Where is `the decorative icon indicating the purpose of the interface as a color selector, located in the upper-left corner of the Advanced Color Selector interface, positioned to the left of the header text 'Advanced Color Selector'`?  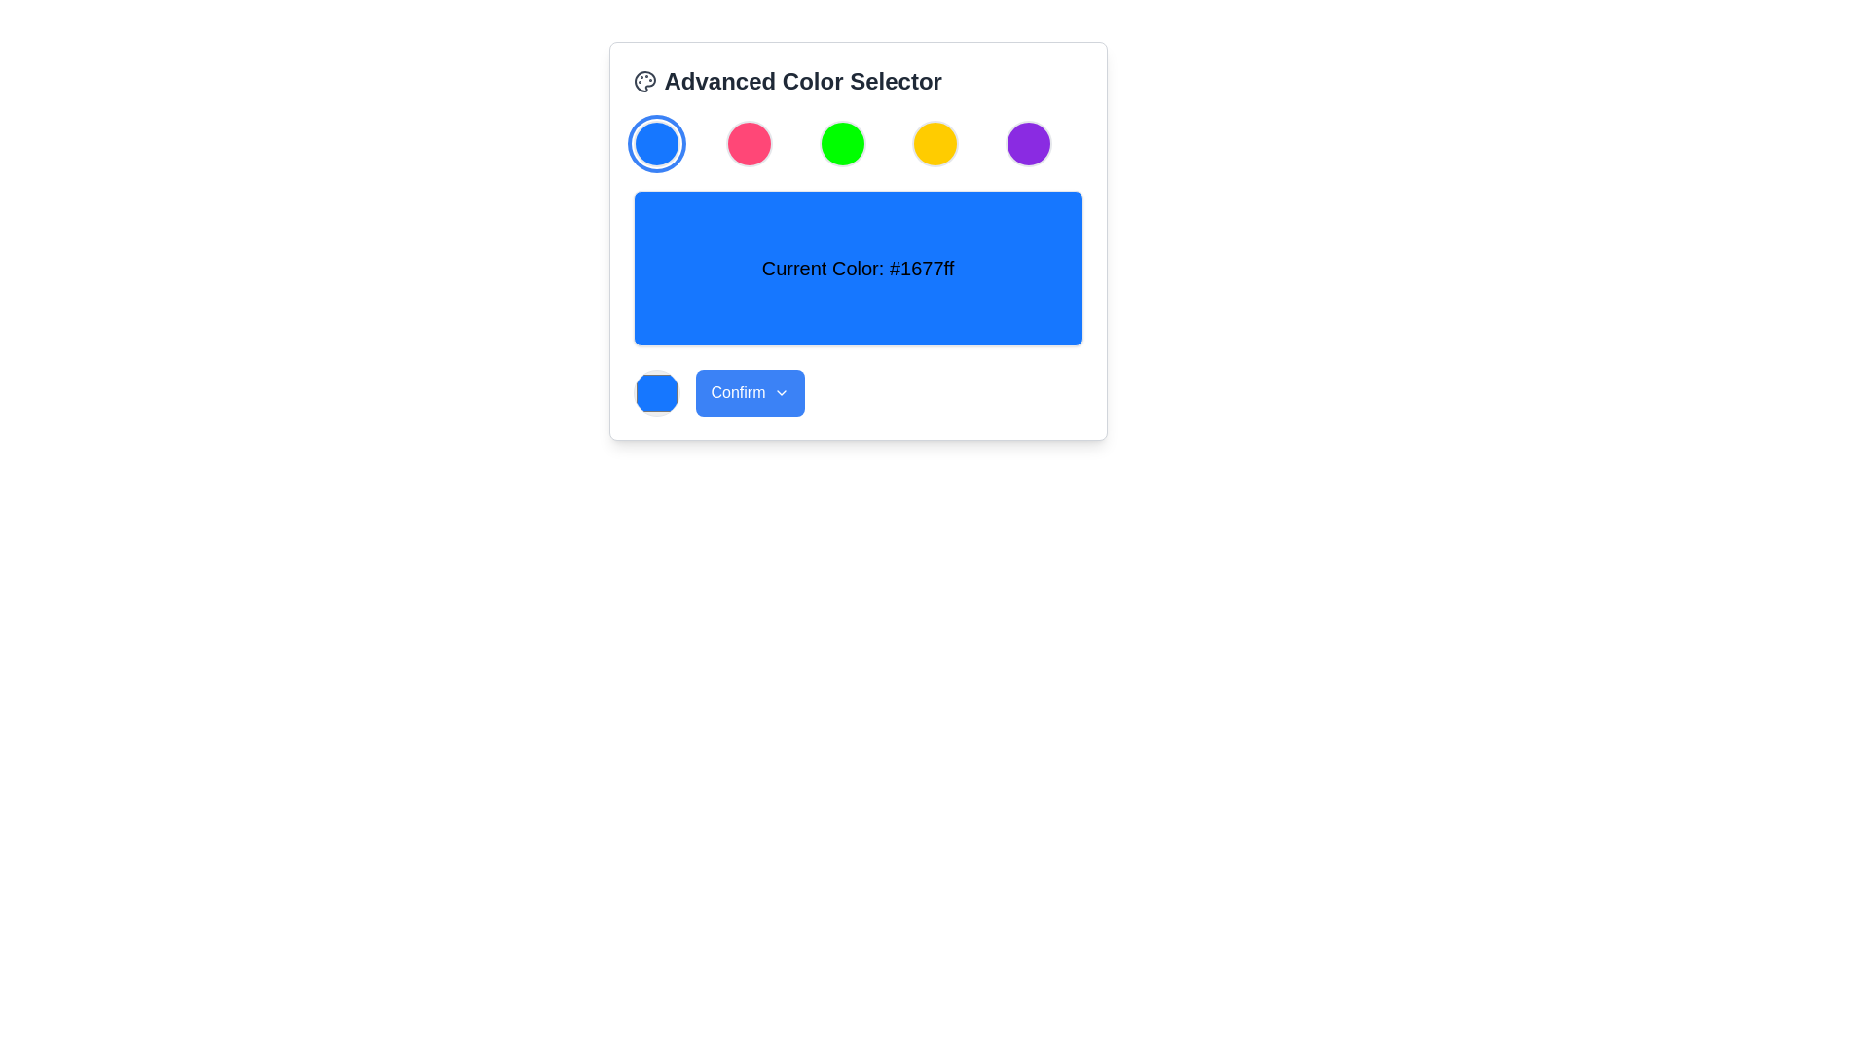
the decorative icon indicating the purpose of the interface as a color selector, located in the upper-left corner of the Advanced Color Selector interface, positioned to the left of the header text 'Advanced Color Selector' is located at coordinates (644, 81).